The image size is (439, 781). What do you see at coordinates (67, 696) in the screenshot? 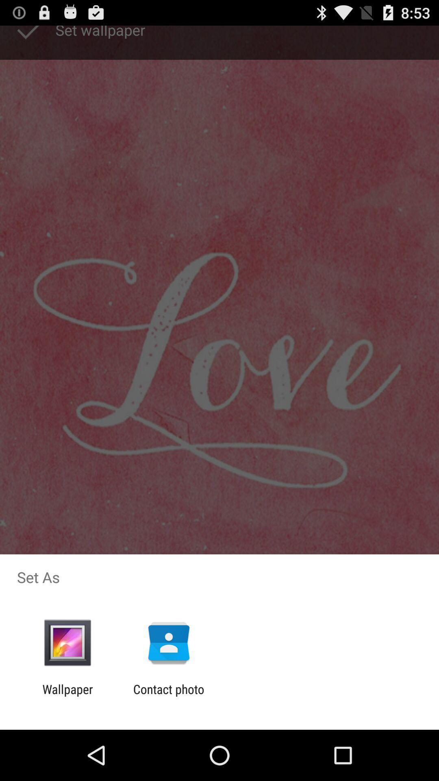
I see `the app to the left of the contact photo icon` at bounding box center [67, 696].